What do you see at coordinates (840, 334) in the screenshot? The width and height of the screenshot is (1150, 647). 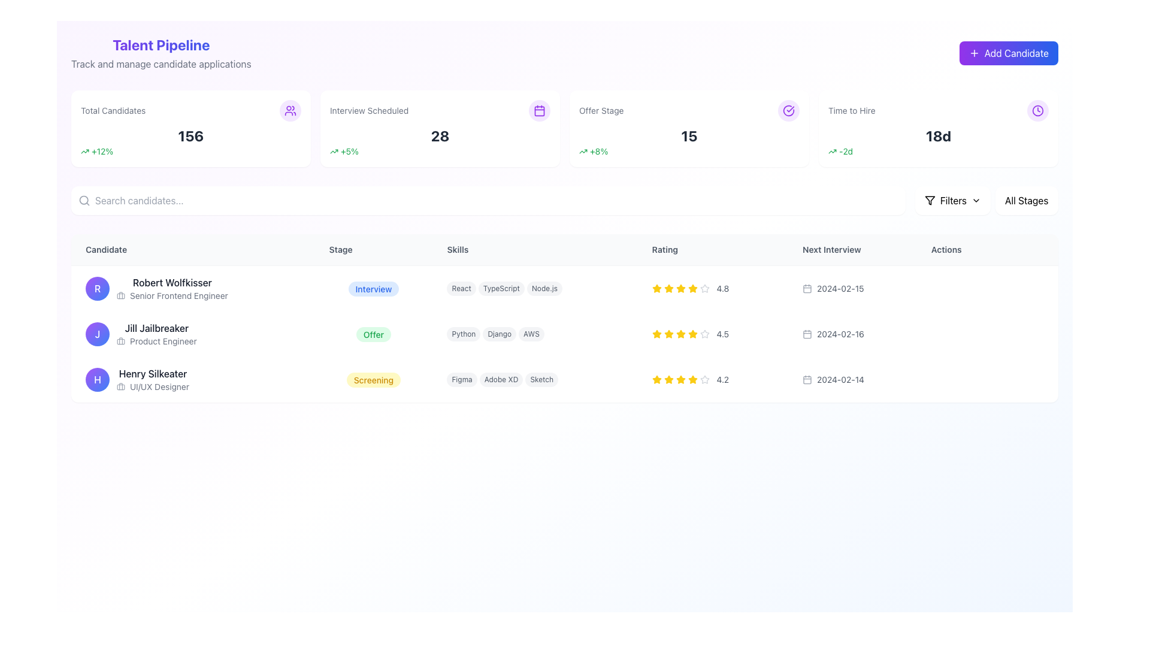 I see `the informational Text label displaying the next interview date` at bounding box center [840, 334].